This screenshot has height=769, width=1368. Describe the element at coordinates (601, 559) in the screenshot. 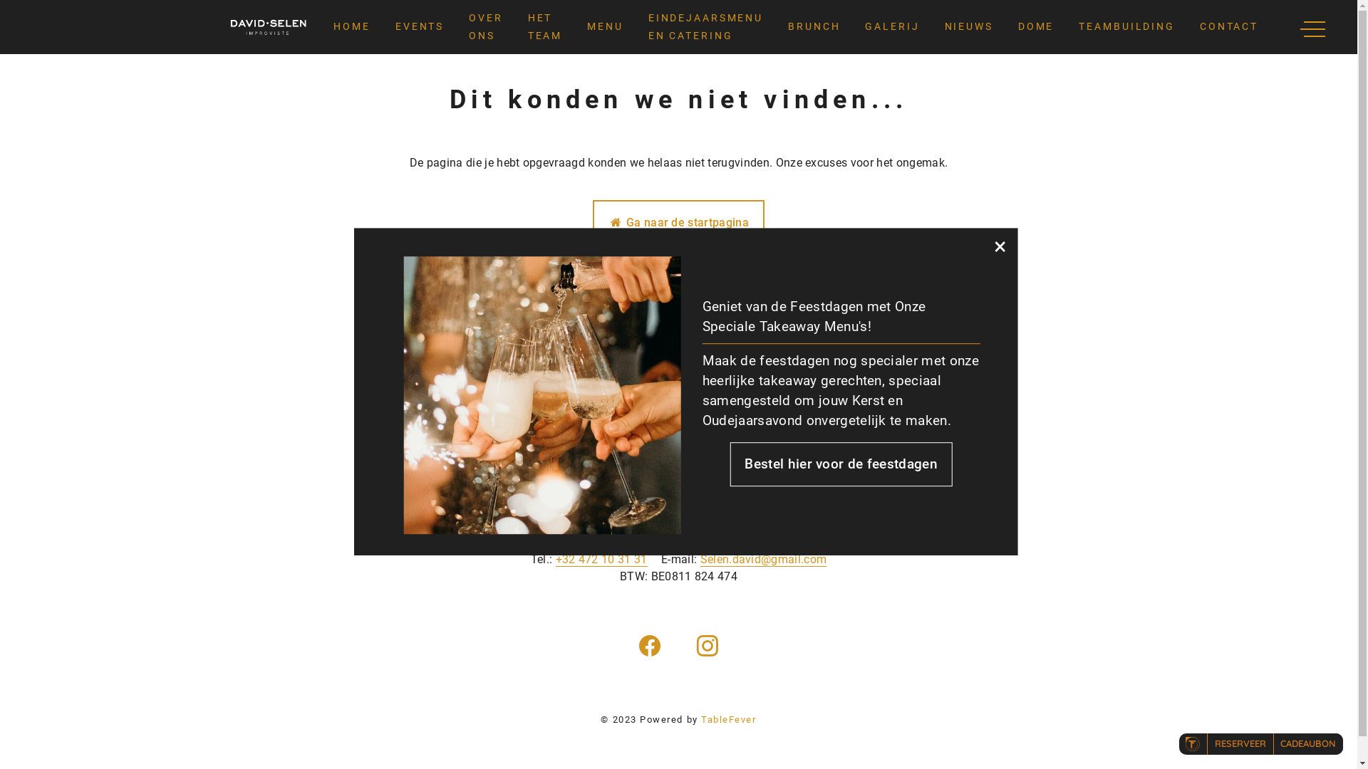

I see `'+32 472 10 31 31'` at that location.